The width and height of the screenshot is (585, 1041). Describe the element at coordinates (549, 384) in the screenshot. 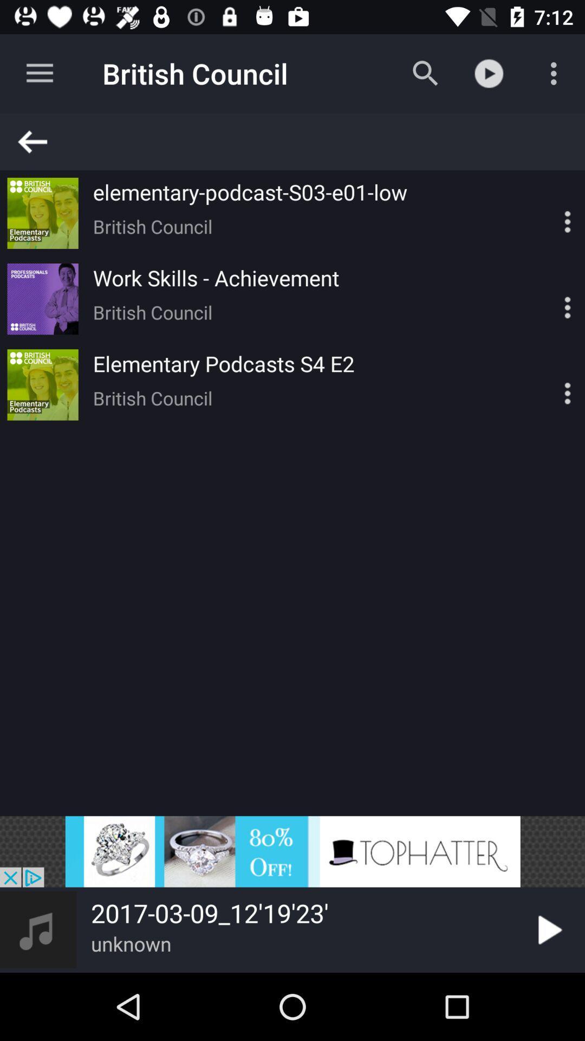

I see `menu icon` at that location.